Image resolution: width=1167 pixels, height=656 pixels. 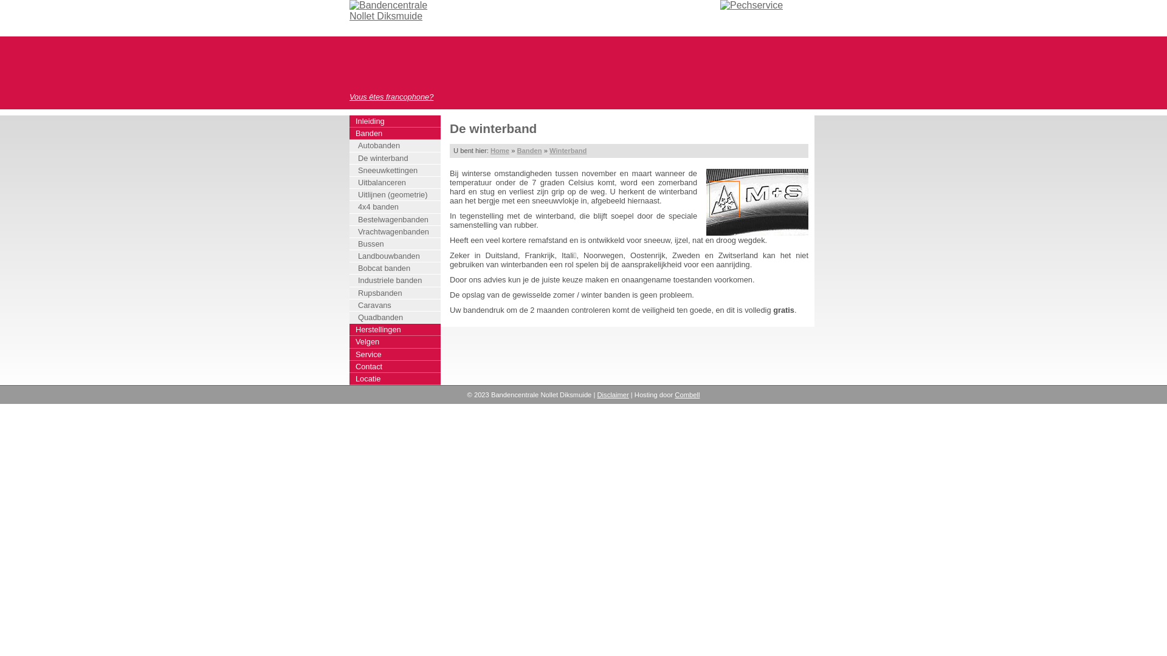 I want to click on 'Banden', so click(x=529, y=149).